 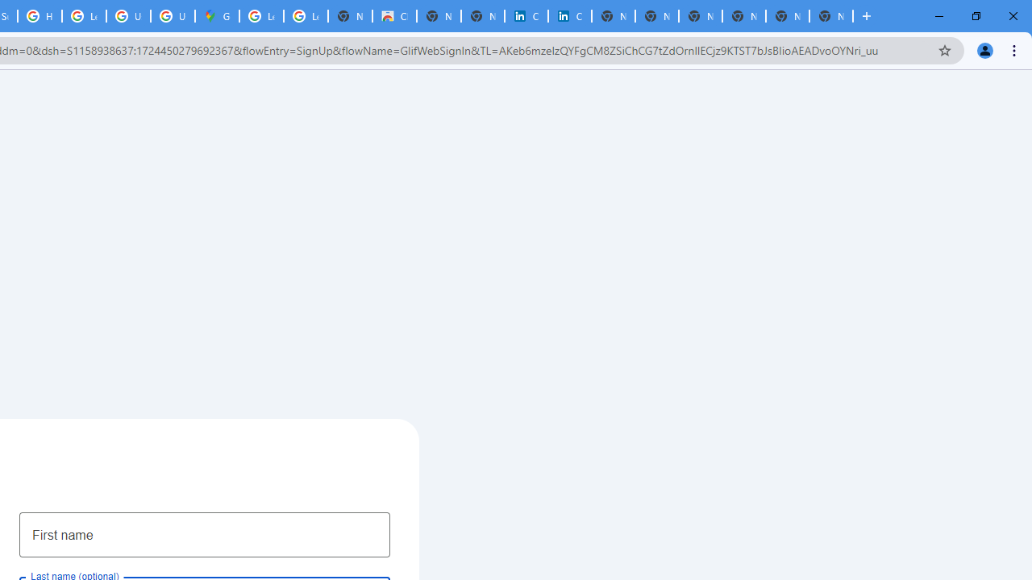 I want to click on 'Cookie Policy | LinkedIn', so click(x=526, y=16).